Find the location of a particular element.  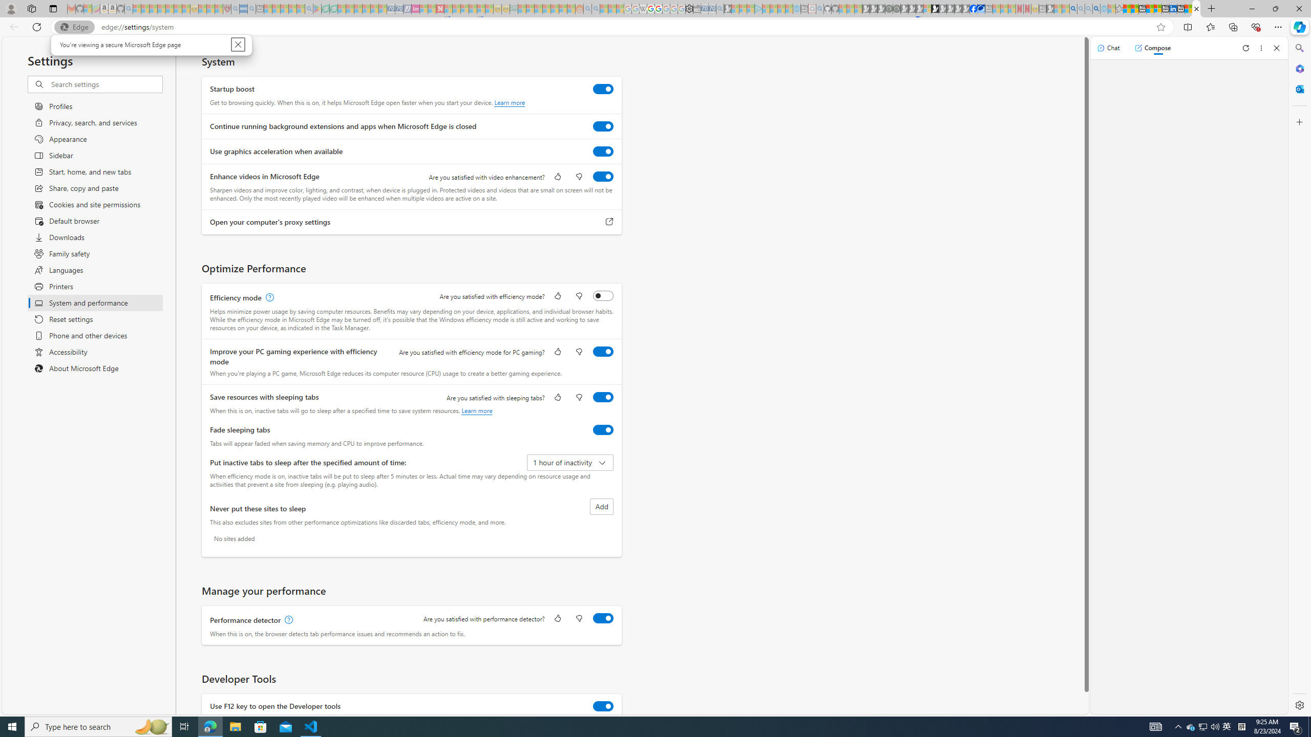

'github - Search - Sleeping' is located at coordinates (820, 8).